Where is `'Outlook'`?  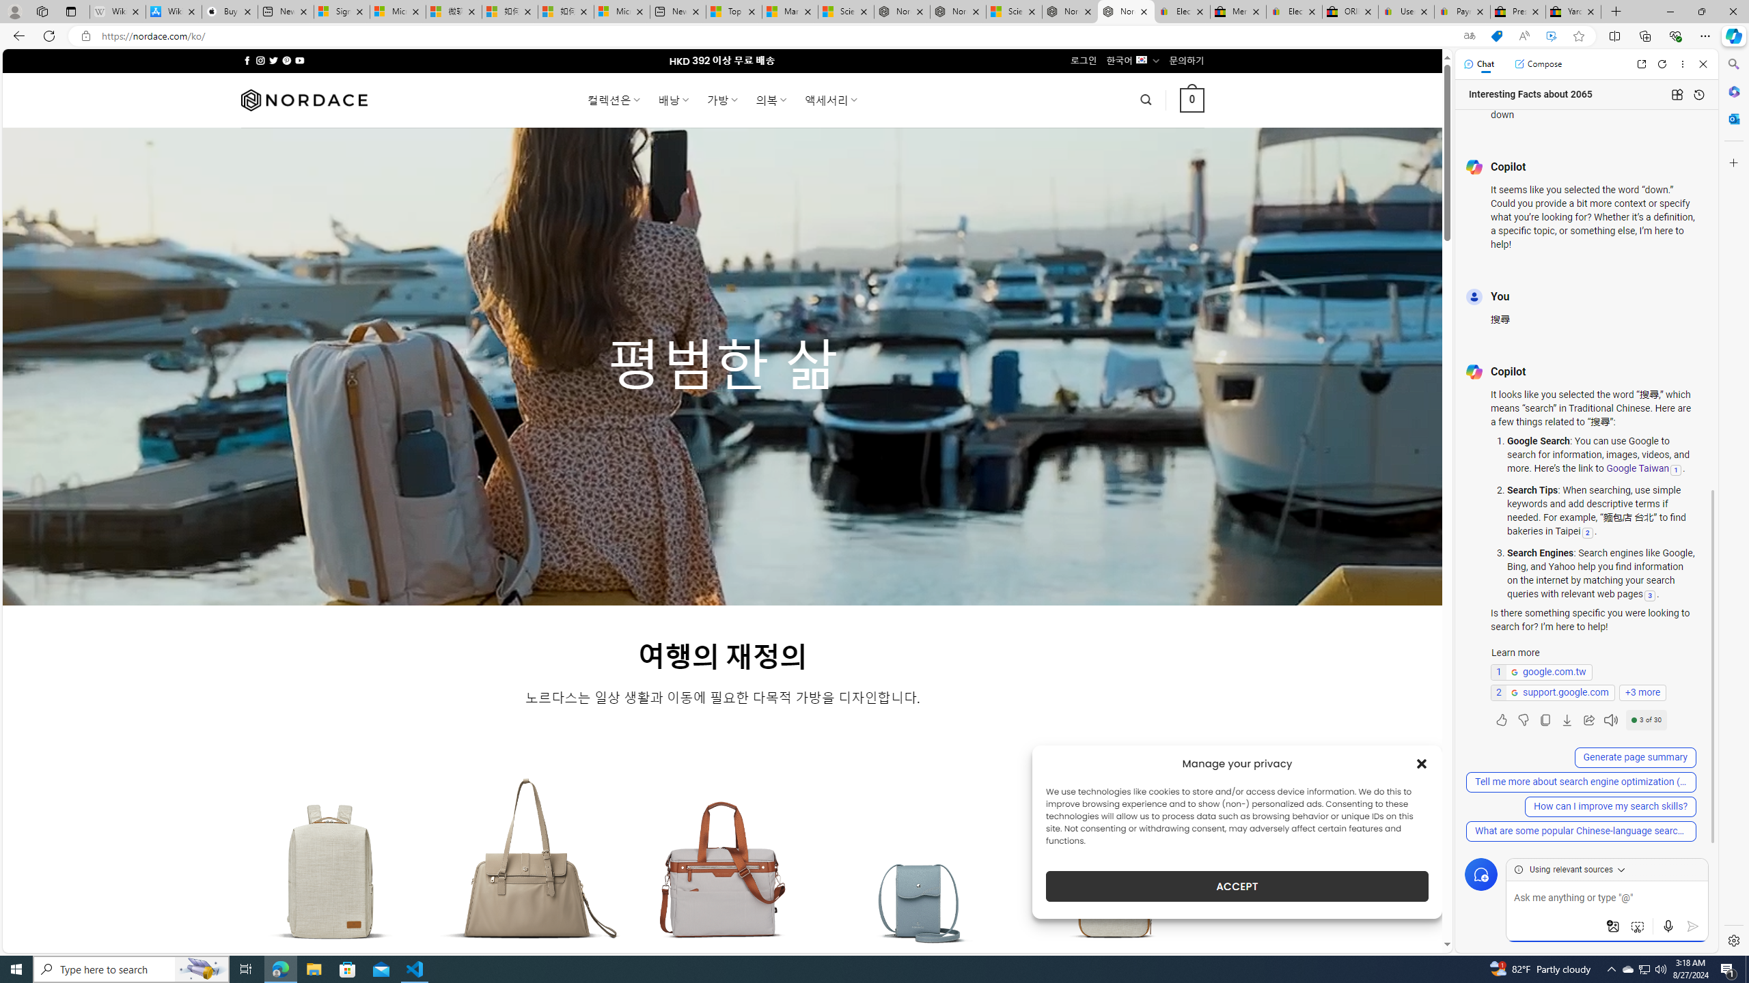 'Outlook' is located at coordinates (1732, 117).